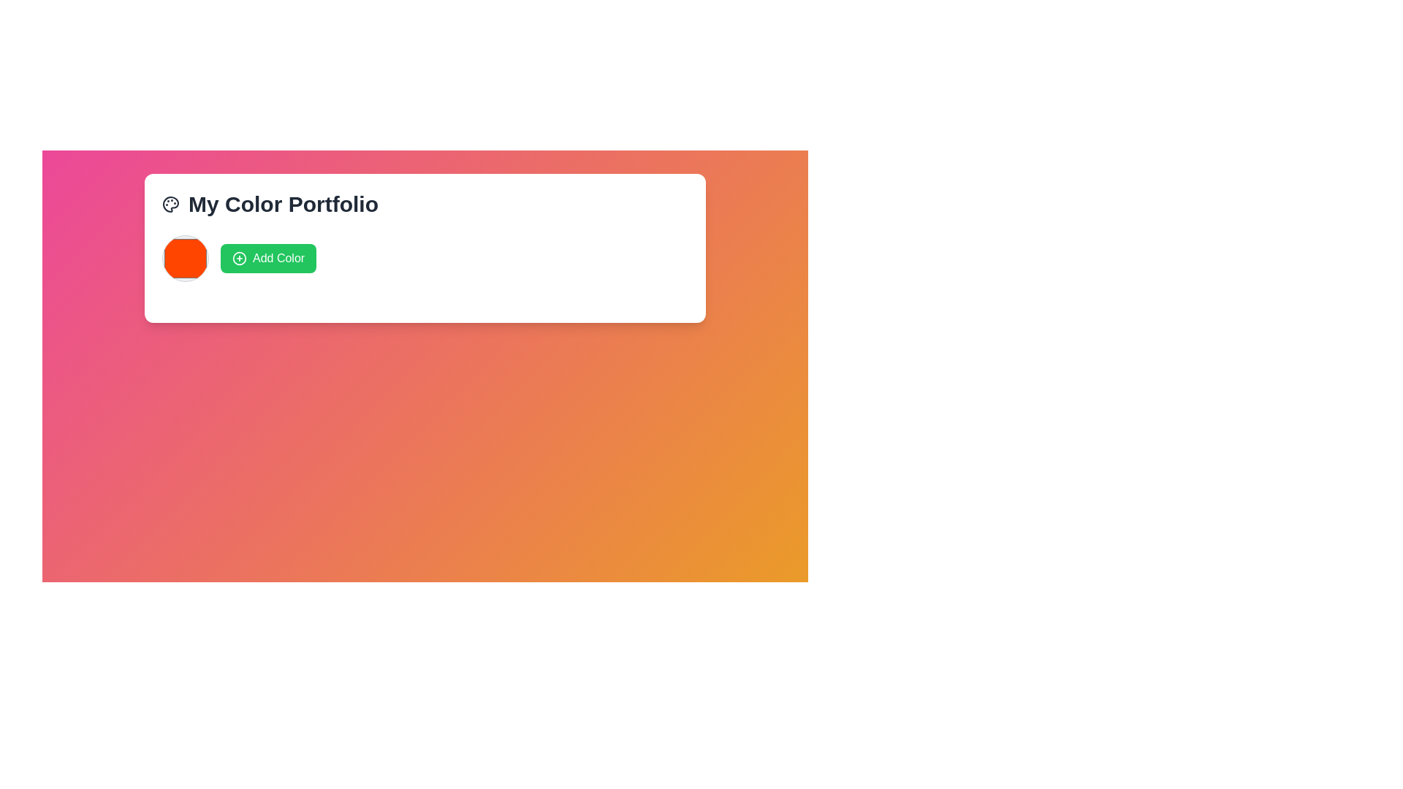 Image resolution: width=1403 pixels, height=789 pixels. Describe the element at coordinates (268, 258) in the screenshot. I see `the green 'Add Color' button with white text and a circular icon with a plus sign` at that location.